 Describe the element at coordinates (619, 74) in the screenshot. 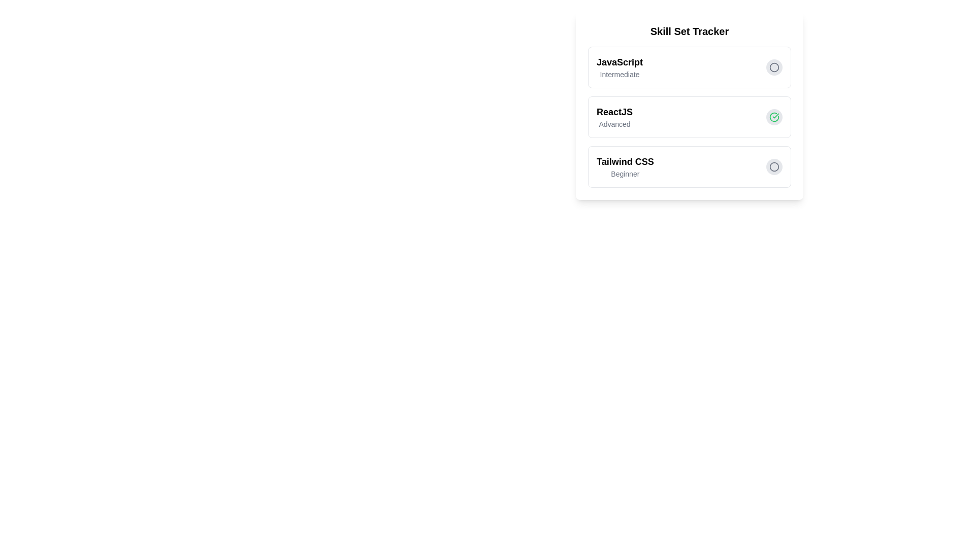

I see `the text label indicating the proficiency level ('Intermediate') of the skill 'JavaScript', which is positioned below the 'JavaScript' text in the skill set tracker` at that location.